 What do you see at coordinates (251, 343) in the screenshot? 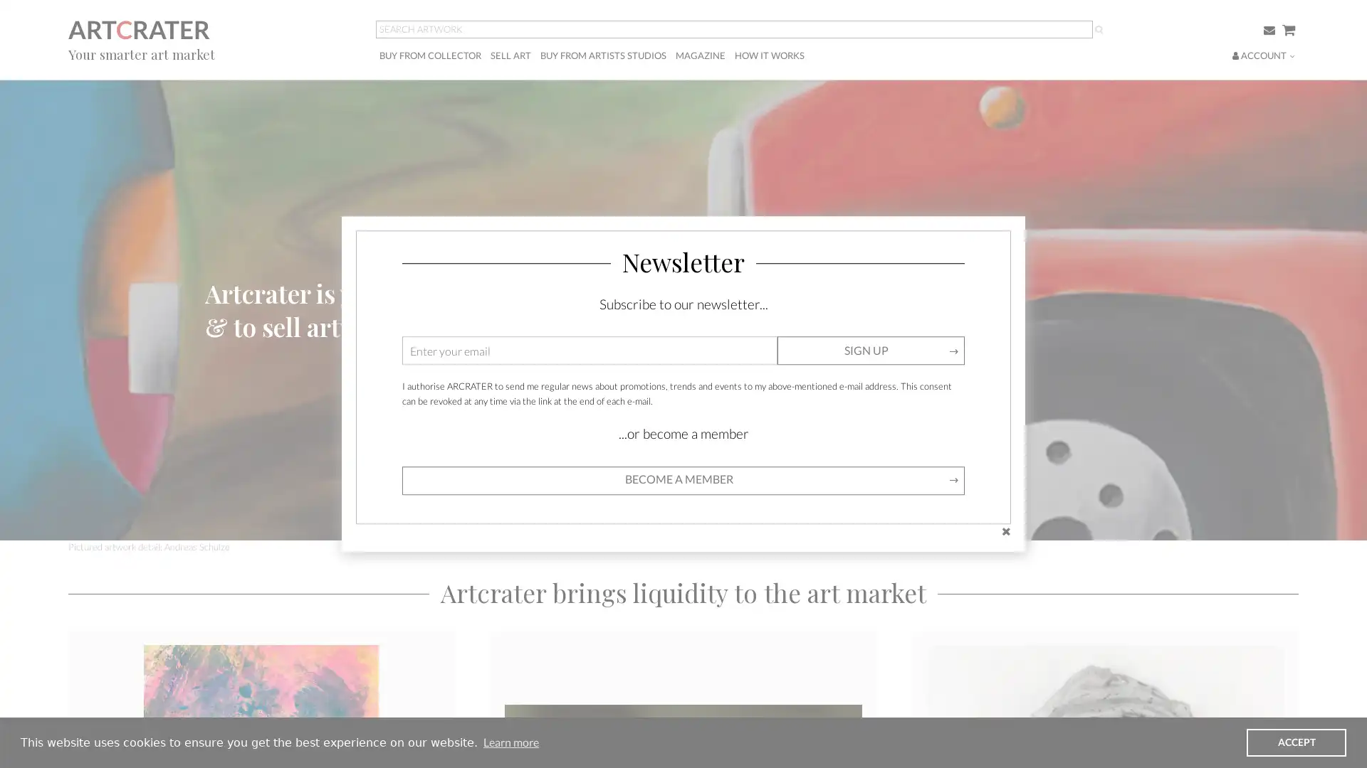
I see `BROWSE SALES` at bounding box center [251, 343].